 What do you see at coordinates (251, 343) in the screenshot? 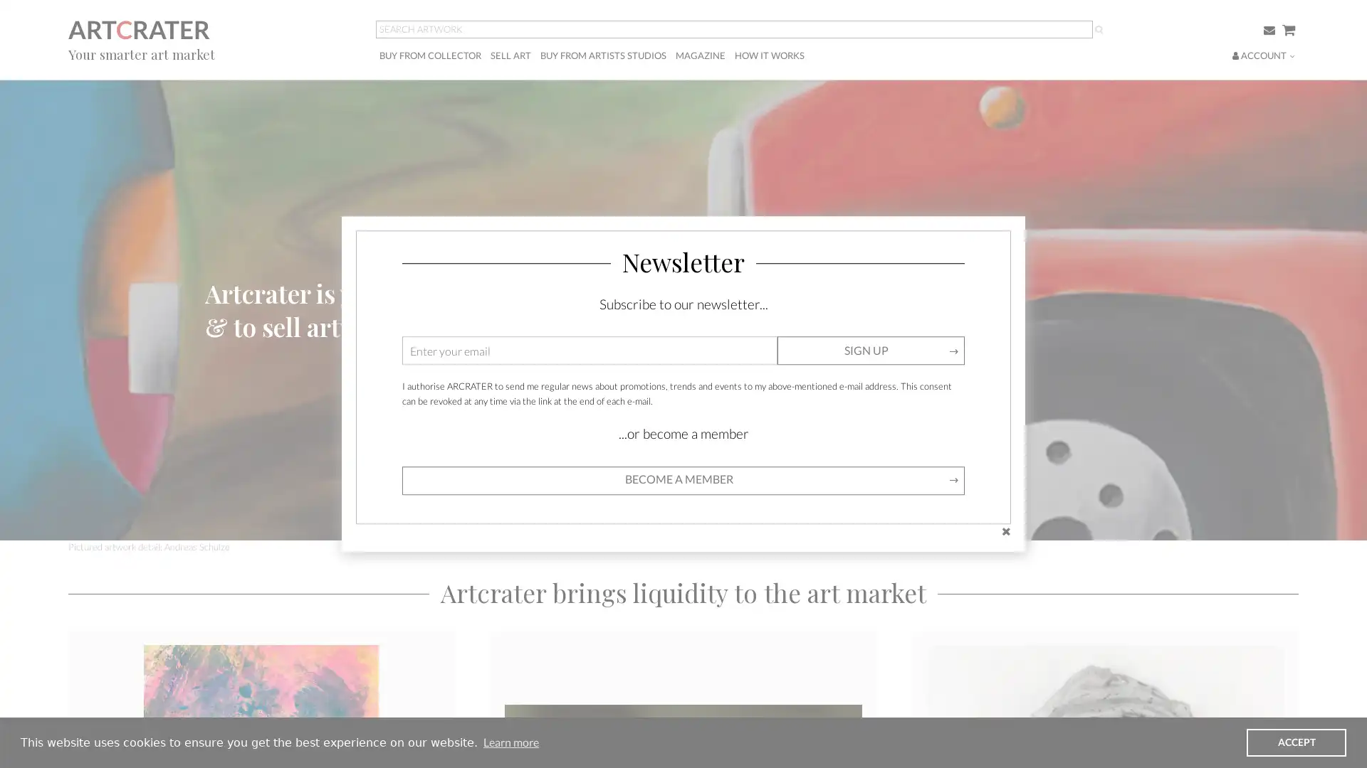
I see `BROWSE SALES` at bounding box center [251, 343].